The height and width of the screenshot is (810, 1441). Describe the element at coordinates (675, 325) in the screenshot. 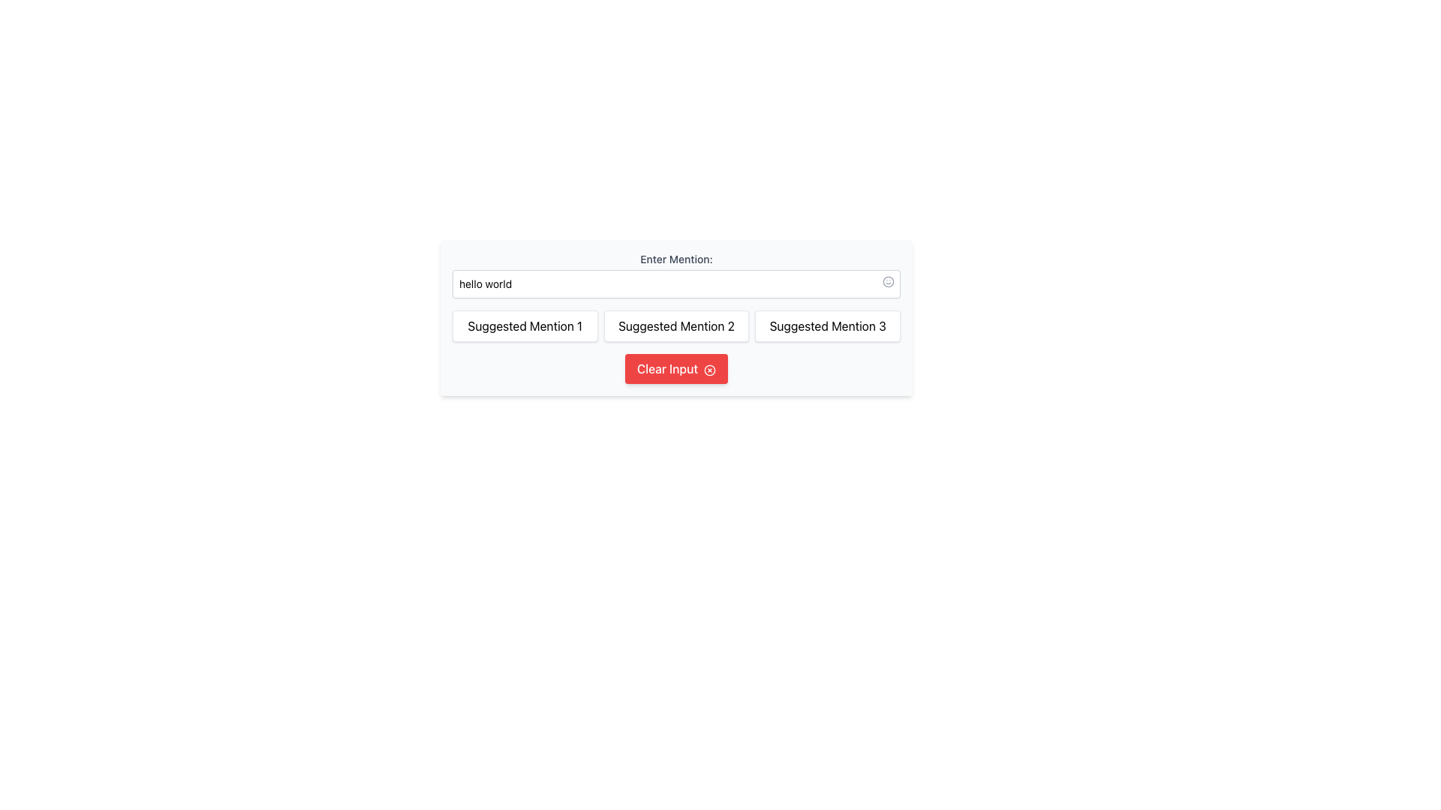

I see `the box labeled 'Suggested Mention 1' in the grid containing text boxes` at that location.